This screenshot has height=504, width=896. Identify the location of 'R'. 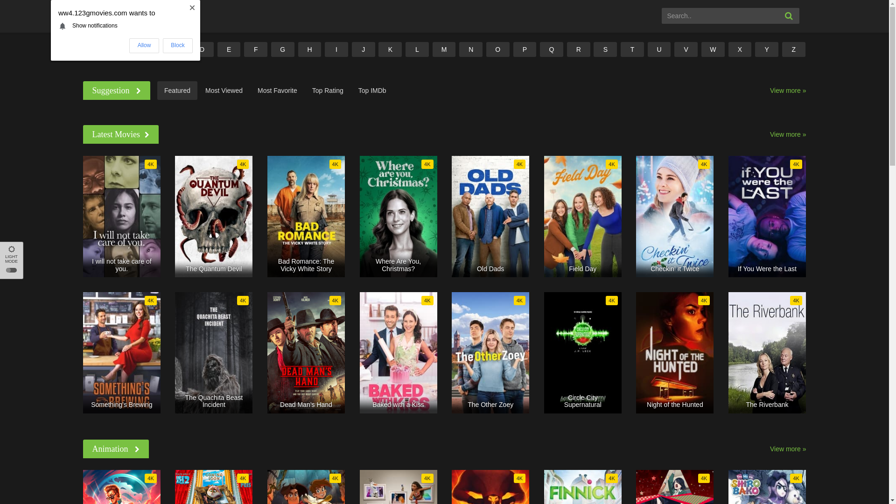
(578, 49).